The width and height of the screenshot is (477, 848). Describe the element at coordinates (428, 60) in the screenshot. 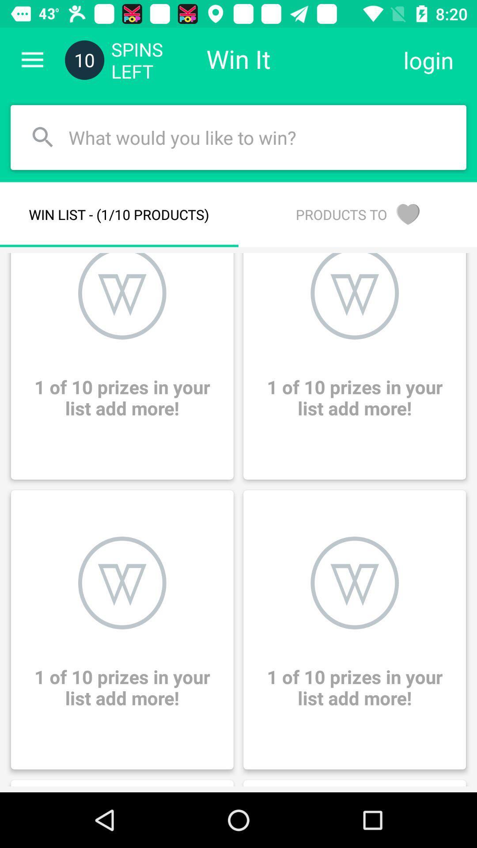

I see `the login icon` at that location.